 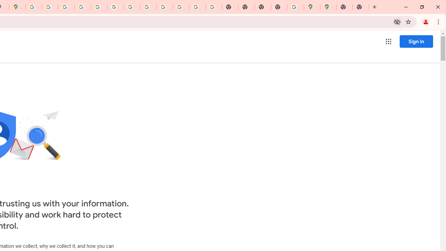 What do you see at coordinates (345, 7) in the screenshot?
I see `'New Tab'` at bounding box center [345, 7].